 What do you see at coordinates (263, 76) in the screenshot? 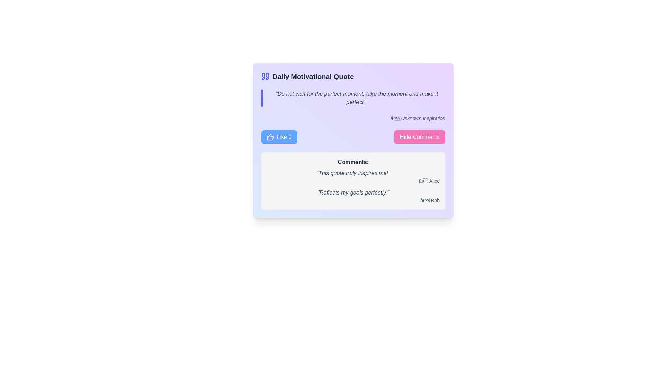
I see `the left quotation mark icon of the 'Daily Motivational Quote' card, which is styled in a modern, minimalist way and is located near the top left of the card` at bounding box center [263, 76].